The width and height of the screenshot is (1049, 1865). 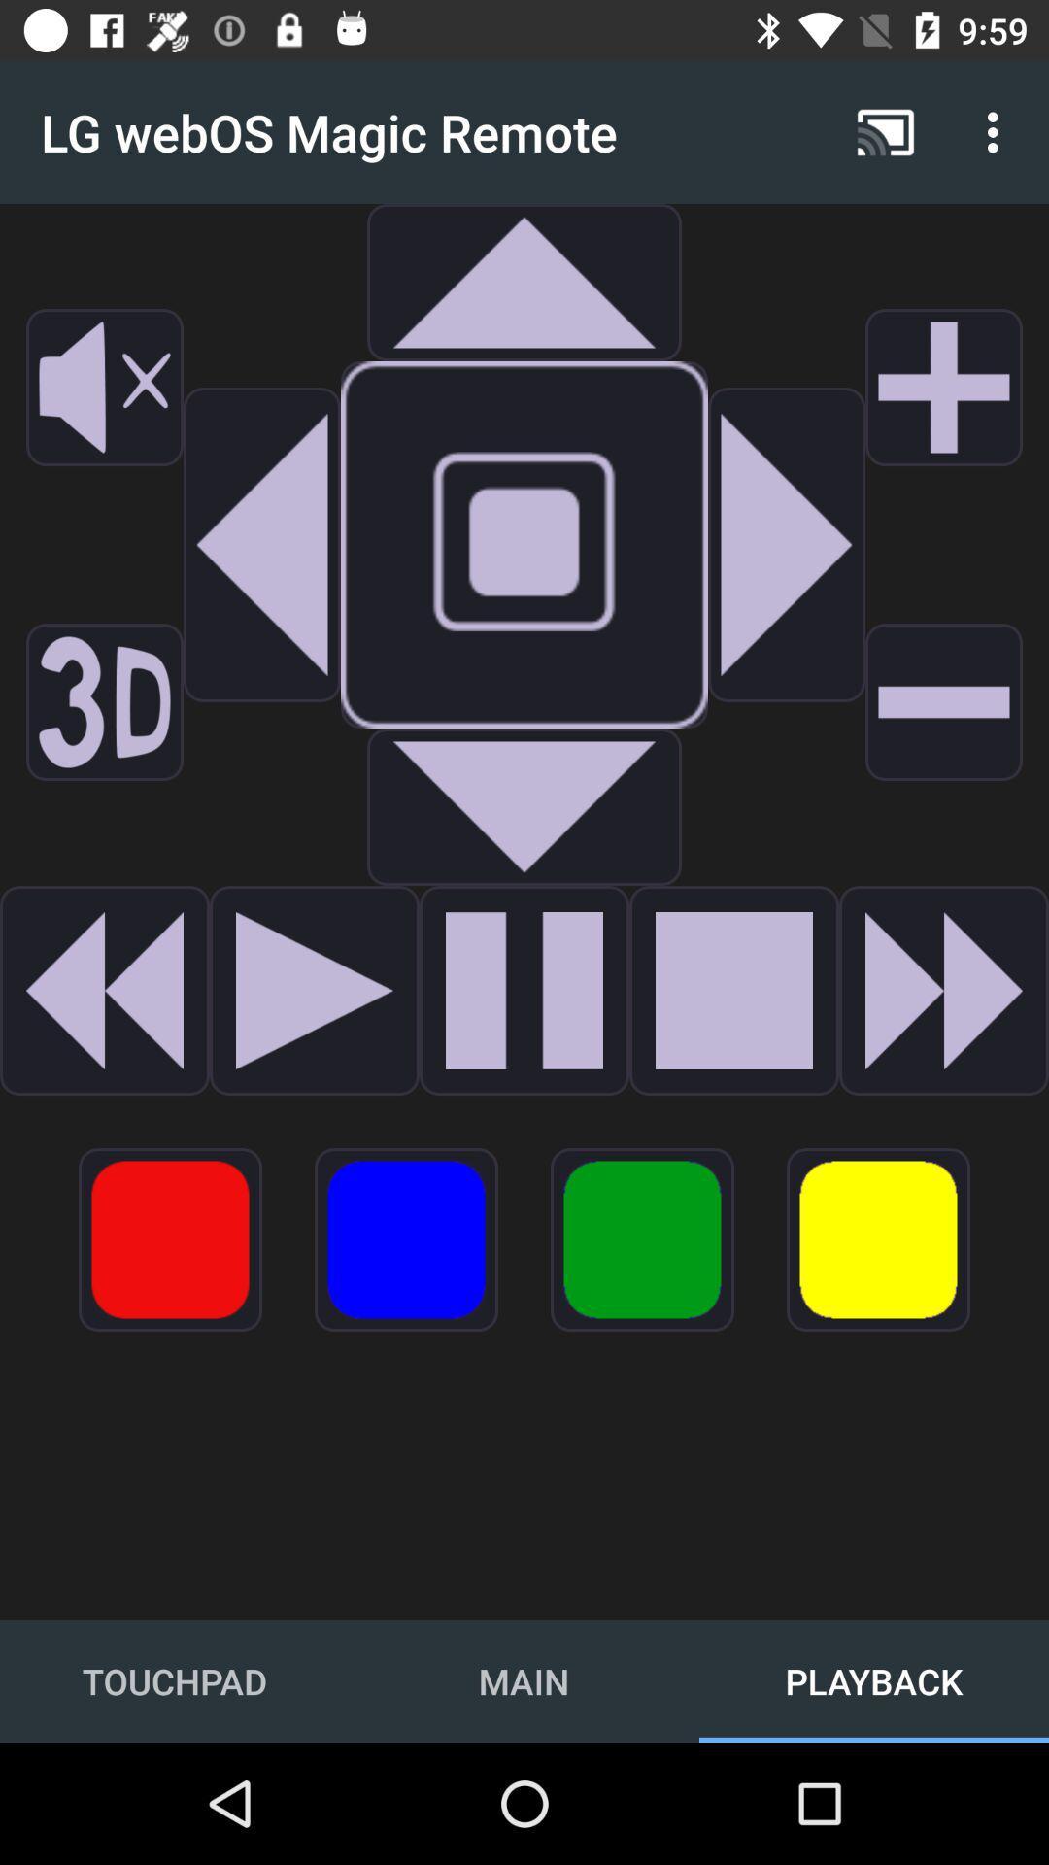 I want to click on play, so click(x=524, y=990).